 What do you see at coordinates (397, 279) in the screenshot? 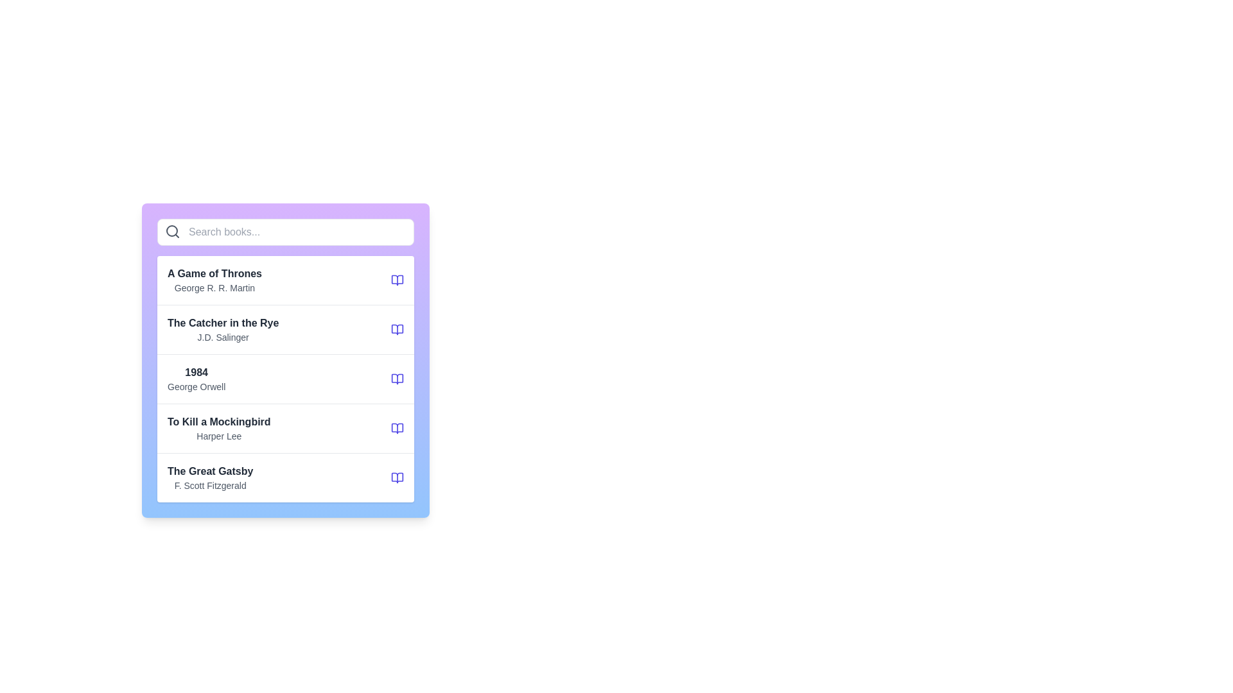
I see `the icon located at the top-right of the list item for 'A Game of Thrones'` at bounding box center [397, 279].